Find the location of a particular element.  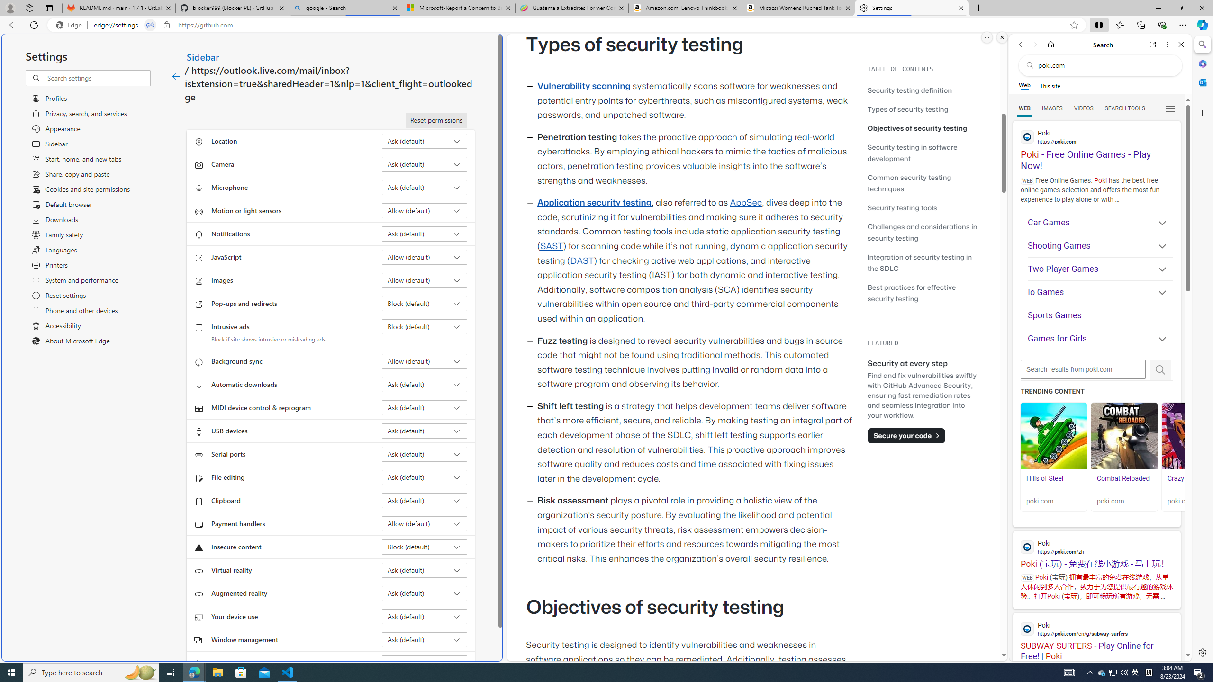

'Background sync Allow (default)' is located at coordinates (425, 361).